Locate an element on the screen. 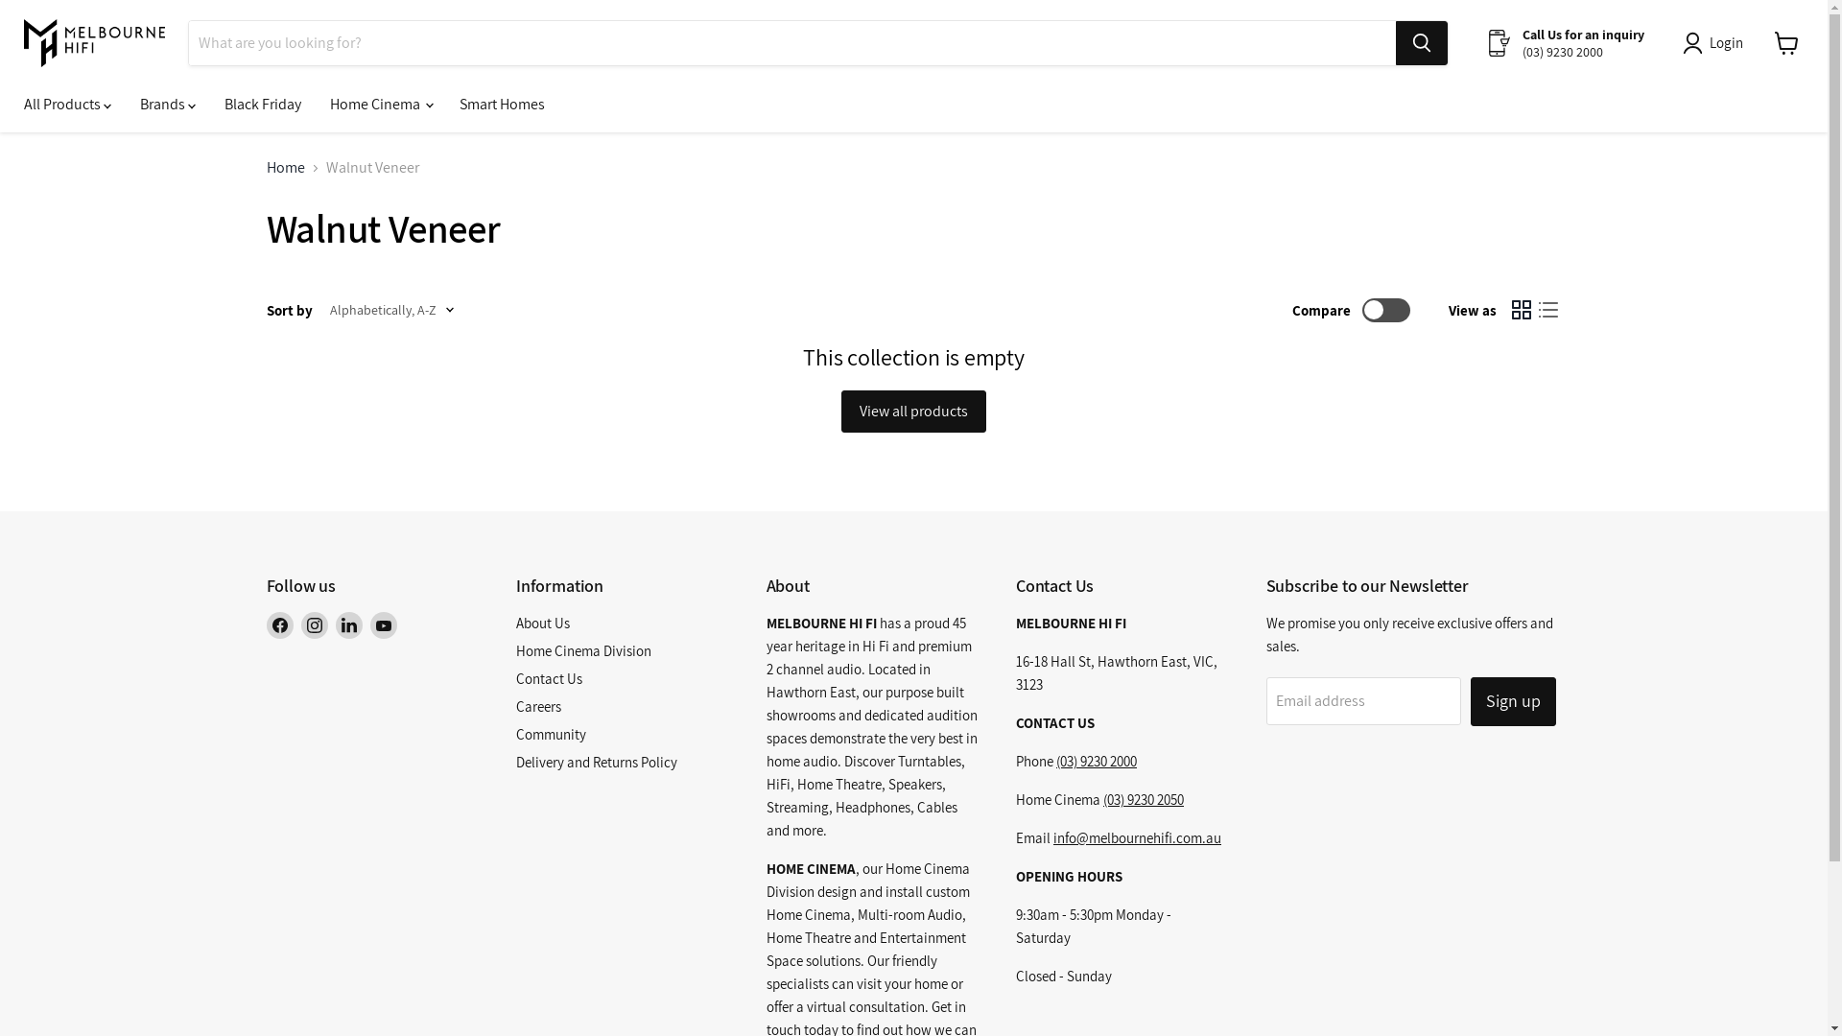  'Find us on Instagram' is located at coordinates (314, 624).